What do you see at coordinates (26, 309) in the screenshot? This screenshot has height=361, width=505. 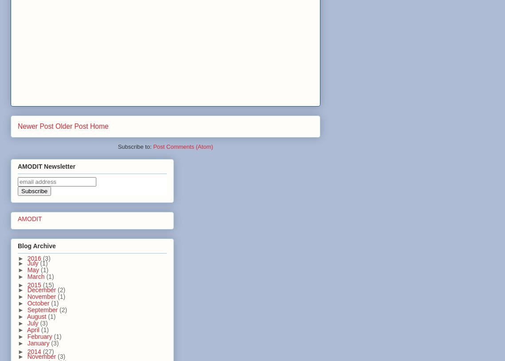 I see `'September'` at bounding box center [26, 309].